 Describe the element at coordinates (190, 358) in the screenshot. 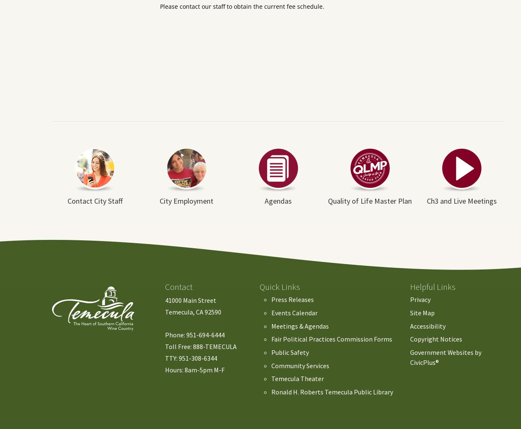

I see `'TTY: 951-308-6344'` at that location.